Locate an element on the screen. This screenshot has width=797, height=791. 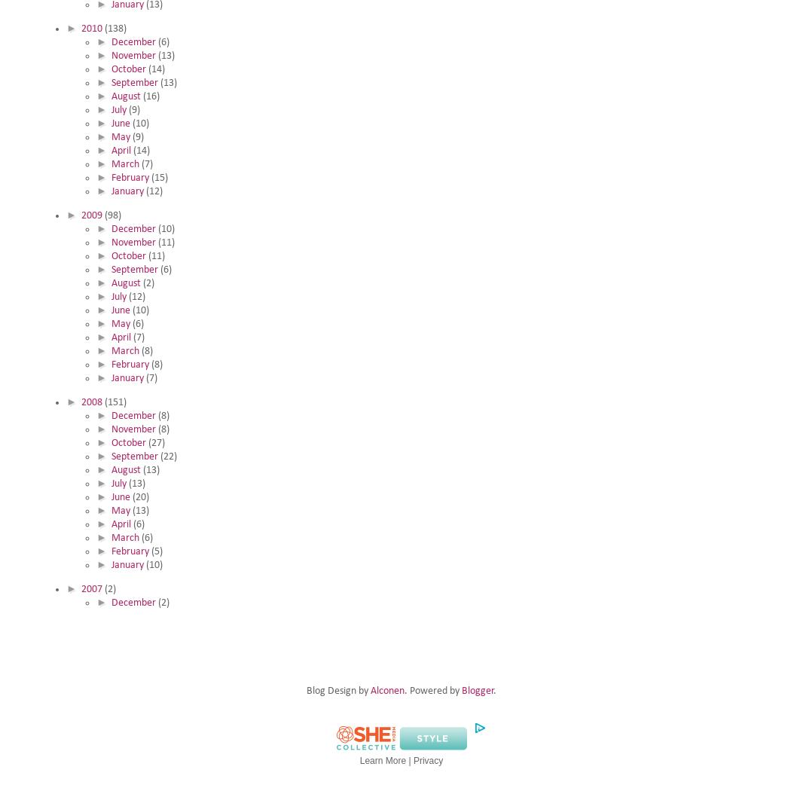
'Learn More' is located at coordinates (382, 760).